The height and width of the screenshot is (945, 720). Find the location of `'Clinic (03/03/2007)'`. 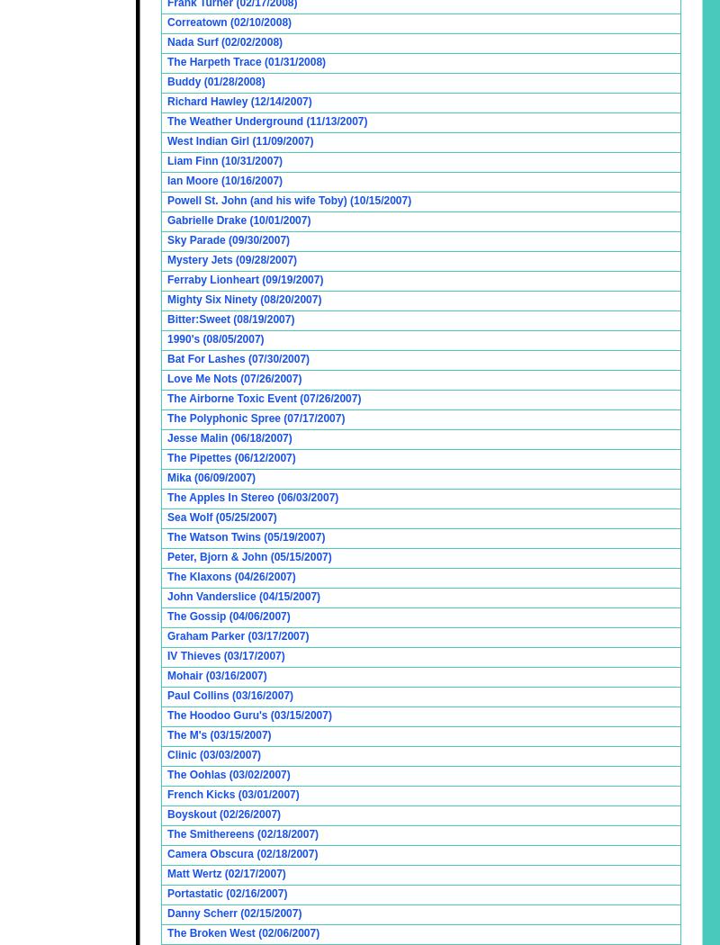

'Clinic (03/03/2007)' is located at coordinates (213, 754).